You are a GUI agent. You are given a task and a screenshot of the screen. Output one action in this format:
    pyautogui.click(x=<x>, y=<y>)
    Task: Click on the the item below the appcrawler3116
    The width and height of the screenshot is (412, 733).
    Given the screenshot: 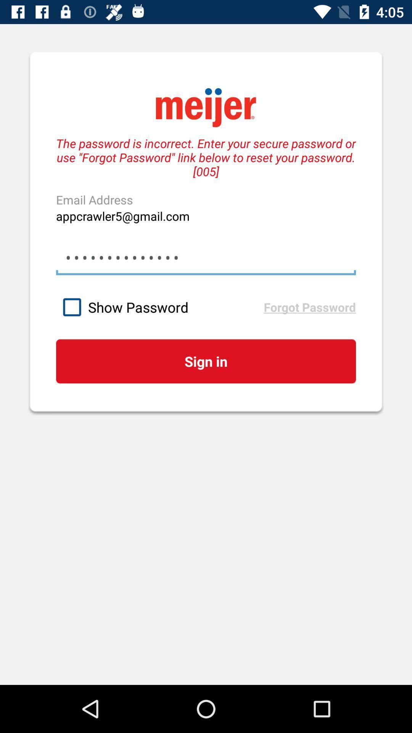 What is the action you would take?
    pyautogui.click(x=159, y=307)
    